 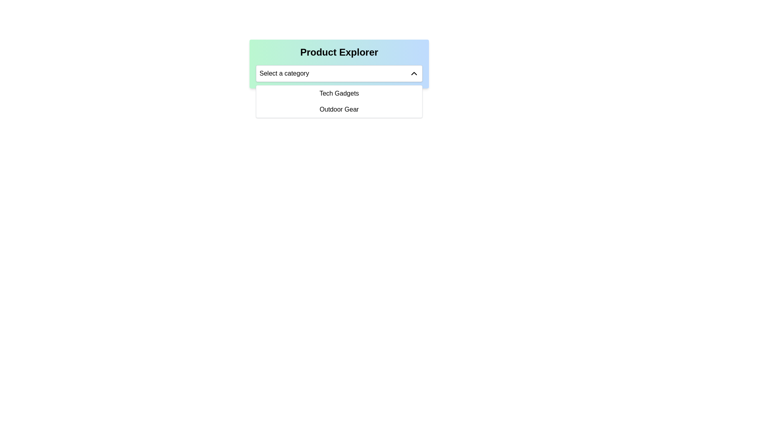 What do you see at coordinates (339, 93) in the screenshot?
I see `the 'Tech Gadgets' menu option` at bounding box center [339, 93].